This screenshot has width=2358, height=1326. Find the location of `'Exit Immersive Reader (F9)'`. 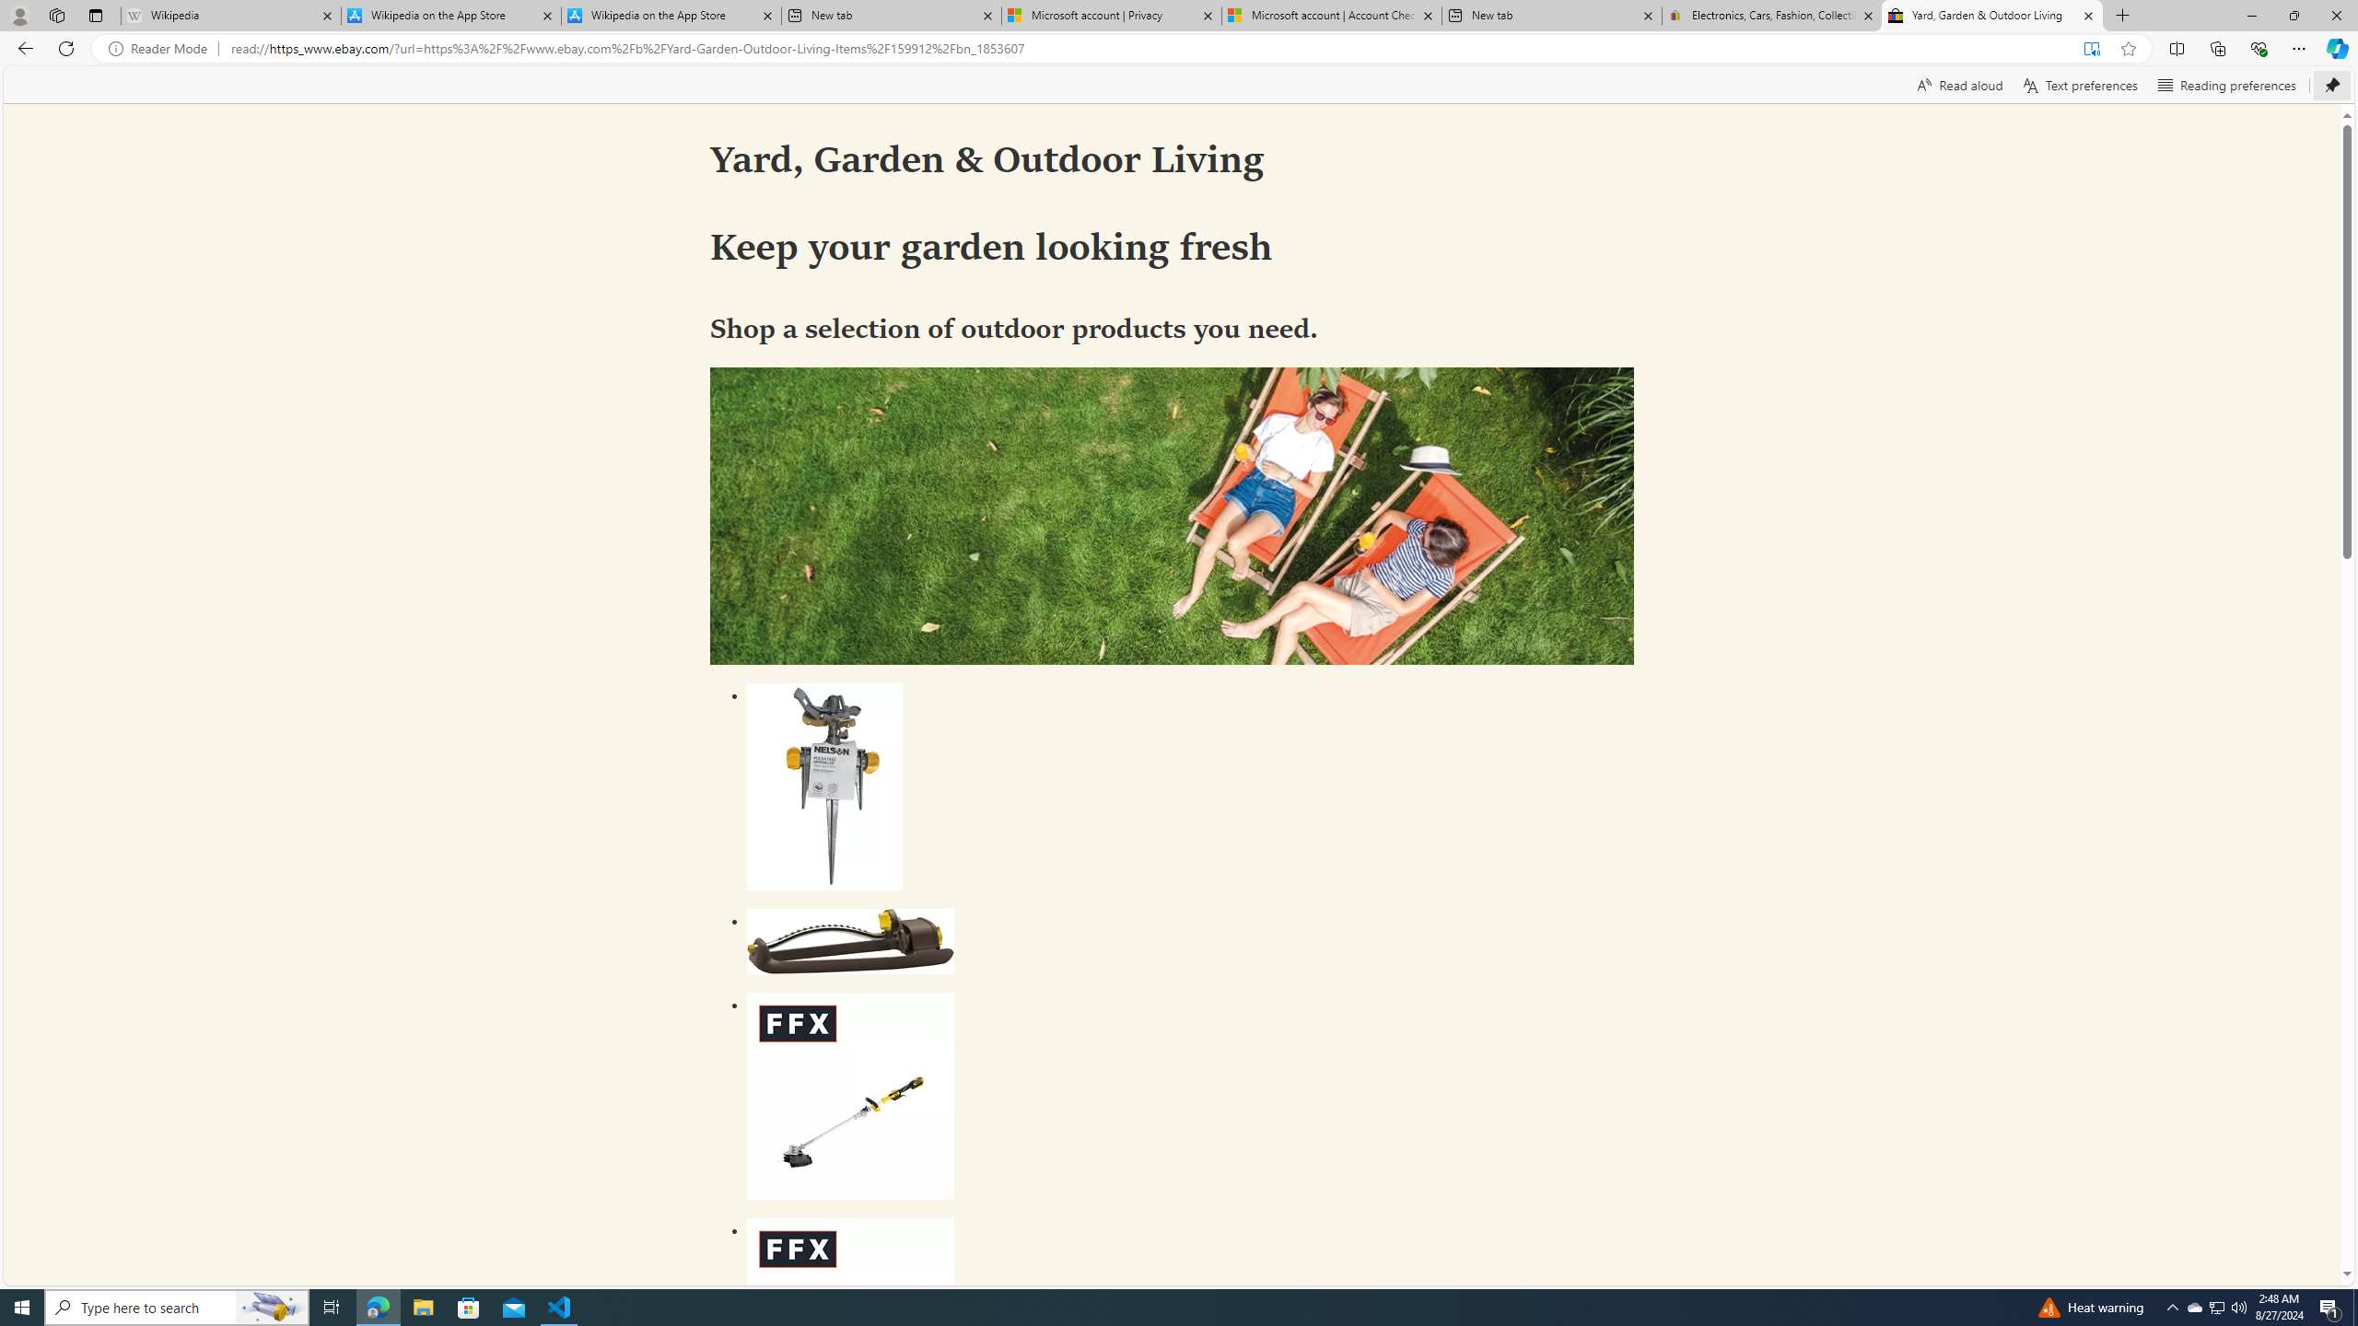

'Exit Immersive Reader (F9)' is located at coordinates (2091, 49).